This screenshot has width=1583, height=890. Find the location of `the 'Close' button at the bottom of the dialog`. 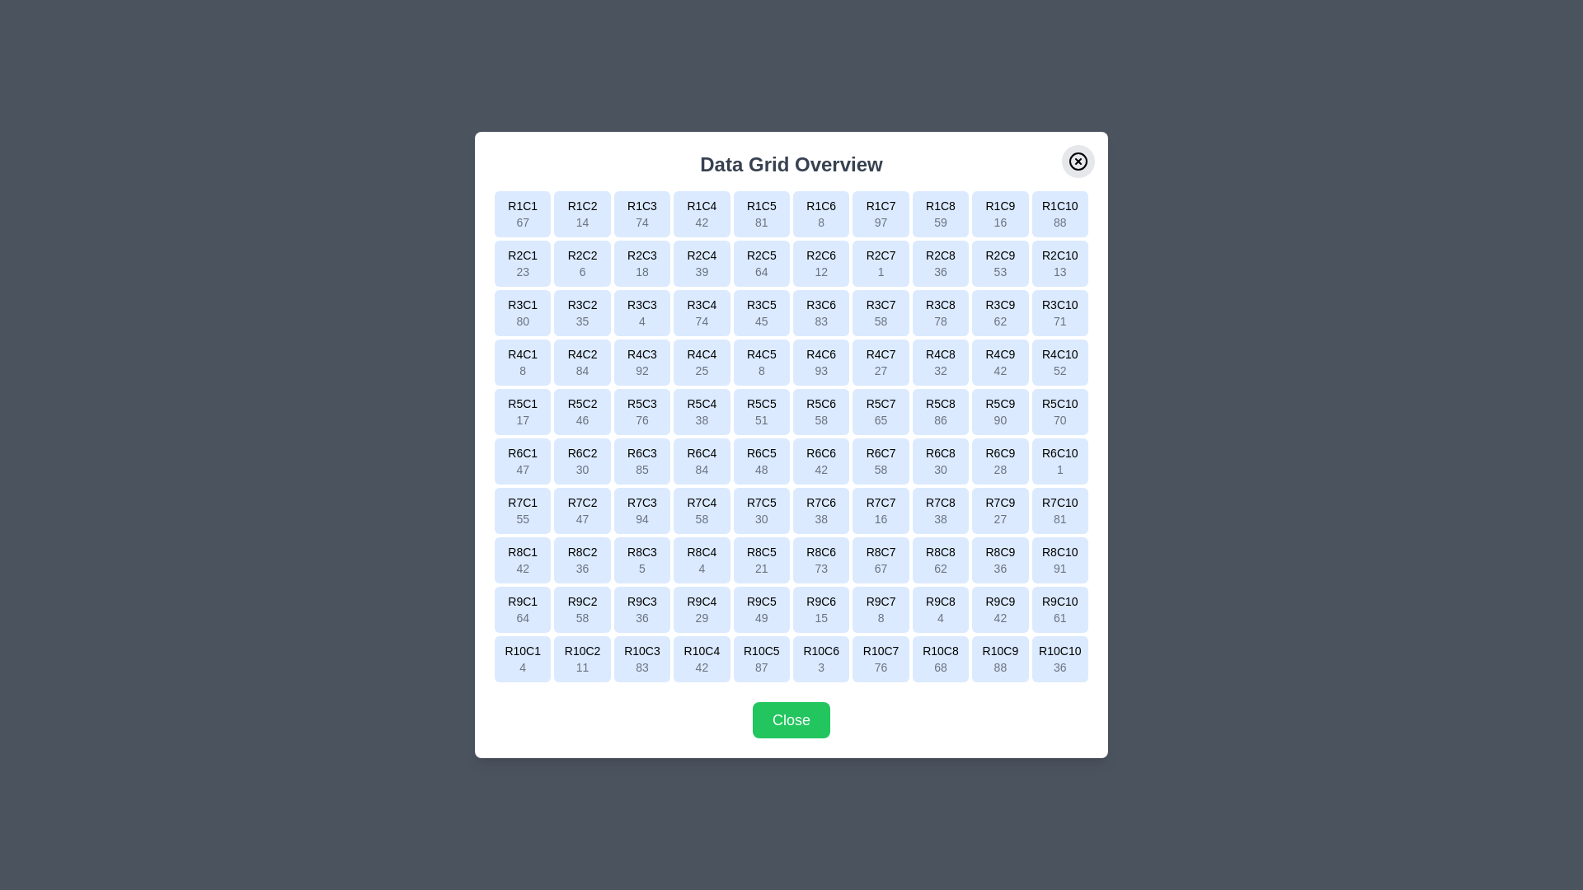

the 'Close' button at the bottom of the dialog is located at coordinates (791, 719).